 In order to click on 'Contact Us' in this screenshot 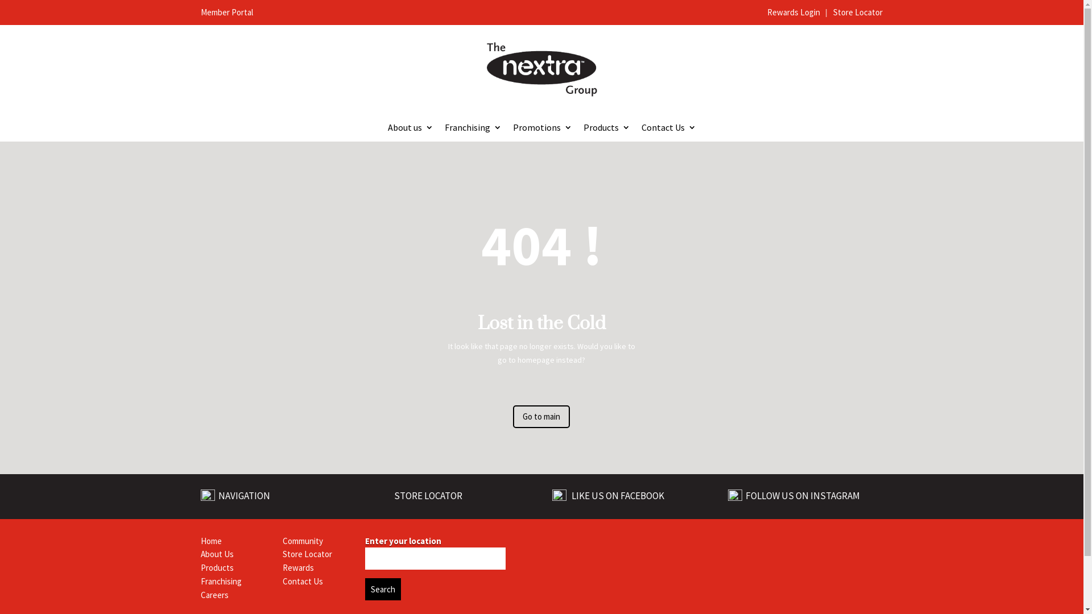, I will do `click(303, 581)`.